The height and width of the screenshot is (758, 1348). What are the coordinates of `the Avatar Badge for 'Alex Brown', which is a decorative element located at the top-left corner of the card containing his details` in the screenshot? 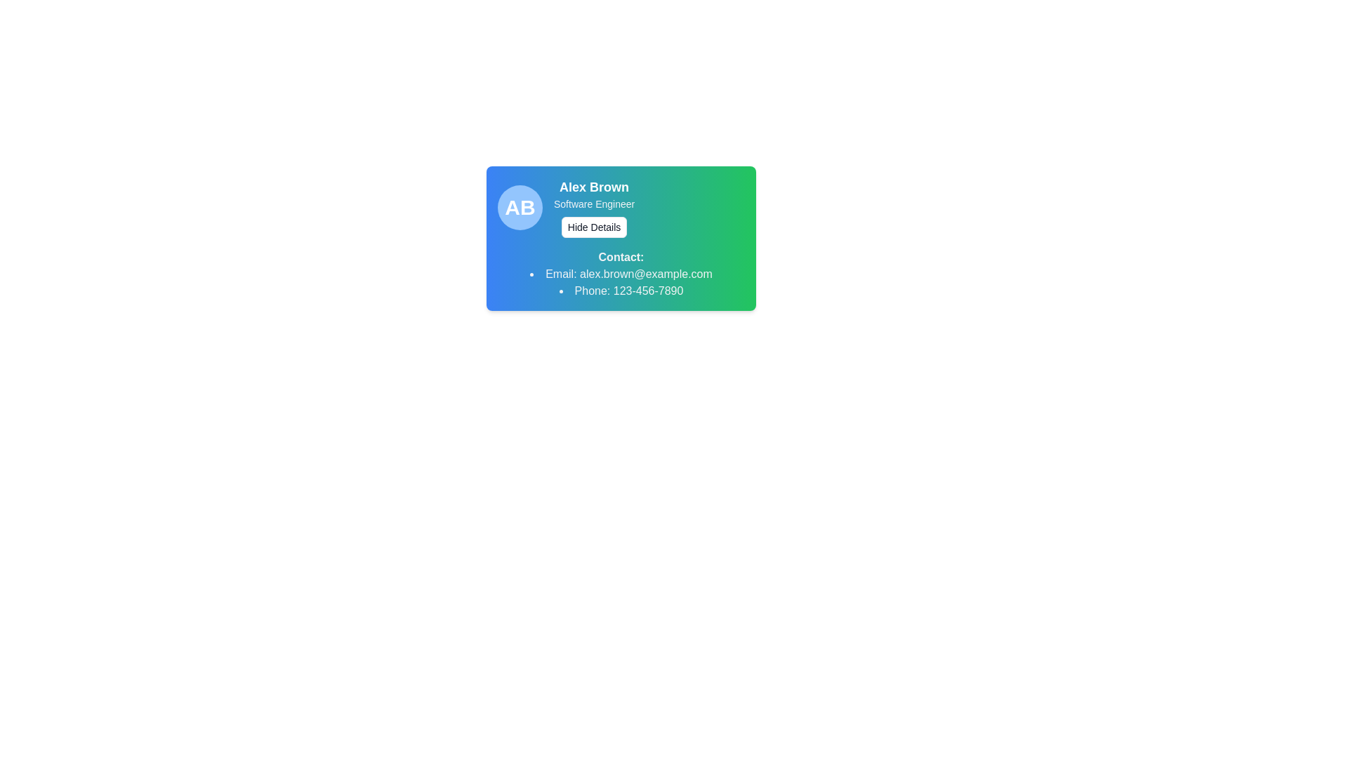 It's located at (519, 208).